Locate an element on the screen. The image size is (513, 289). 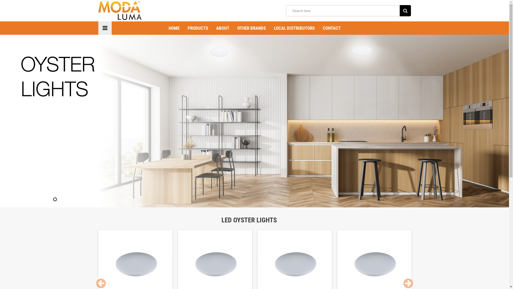
'LED OYSTER LIGHTS' is located at coordinates (254, 220).